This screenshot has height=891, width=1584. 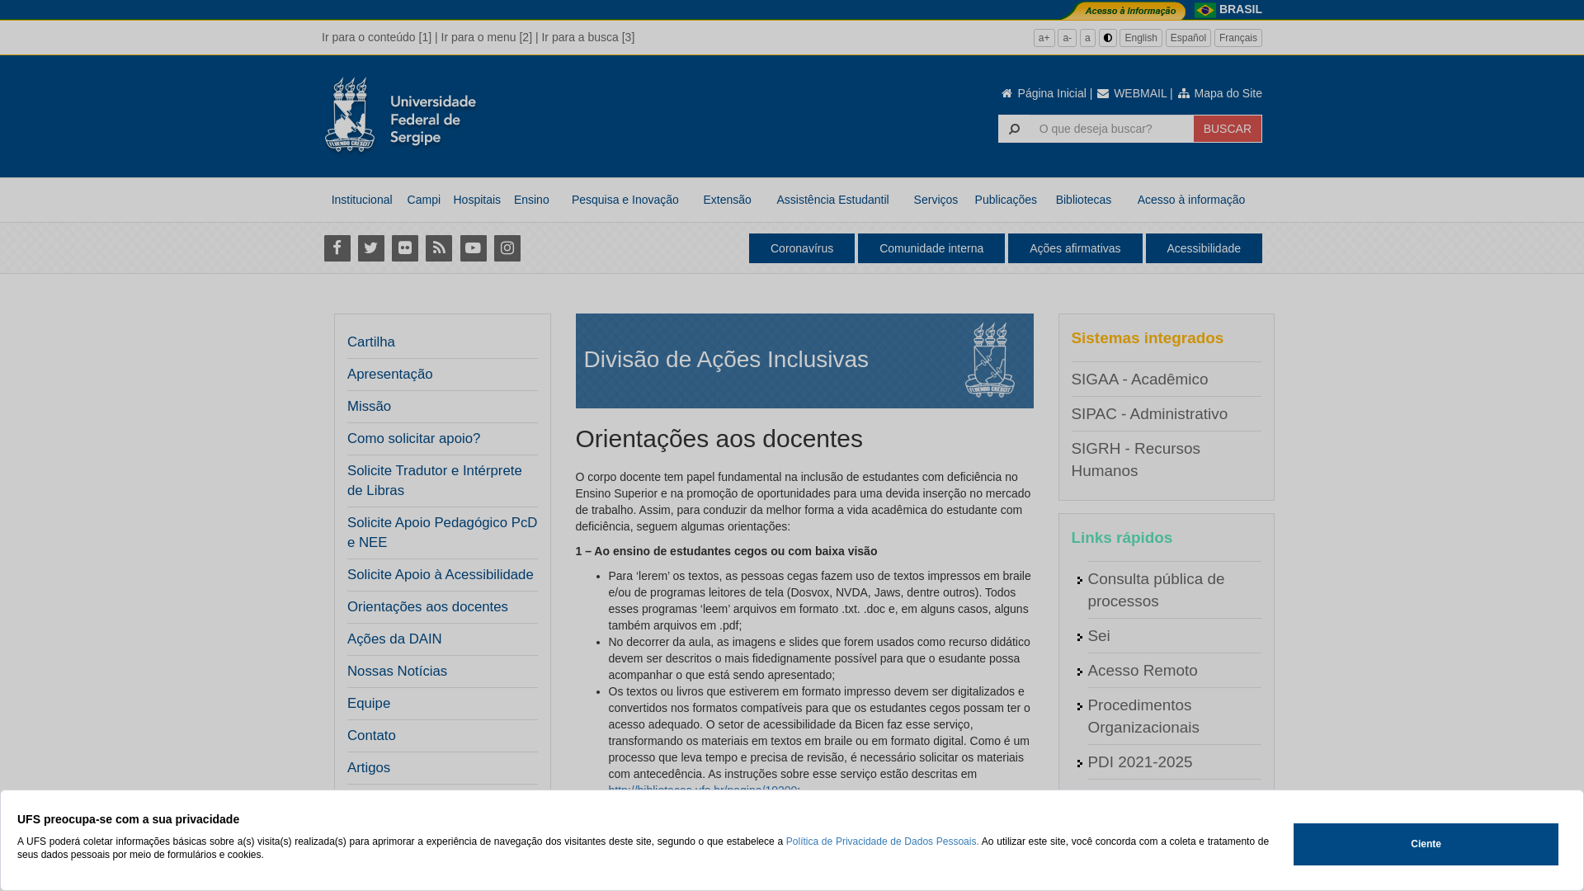 What do you see at coordinates (1134, 459) in the screenshot?
I see `'SIGRH - Recursos Humanos'` at bounding box center [1134, 459].